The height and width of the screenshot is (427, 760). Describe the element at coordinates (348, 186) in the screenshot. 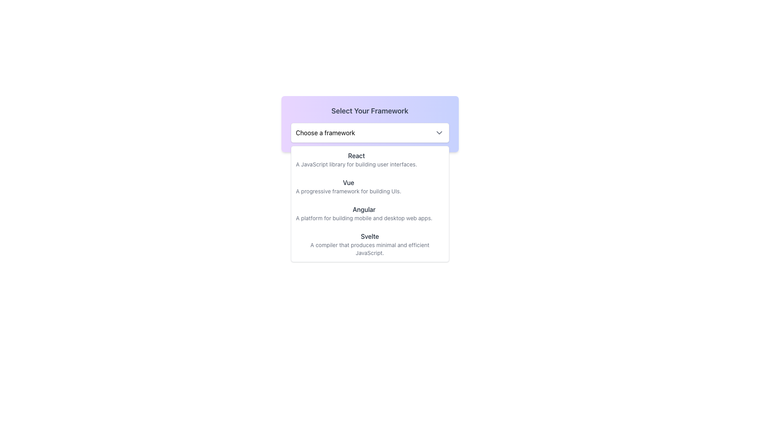

I see `text content of the 'Vue' framework label, which is the second item in the dropdown panel under 'Select Your Framework'` at that location.